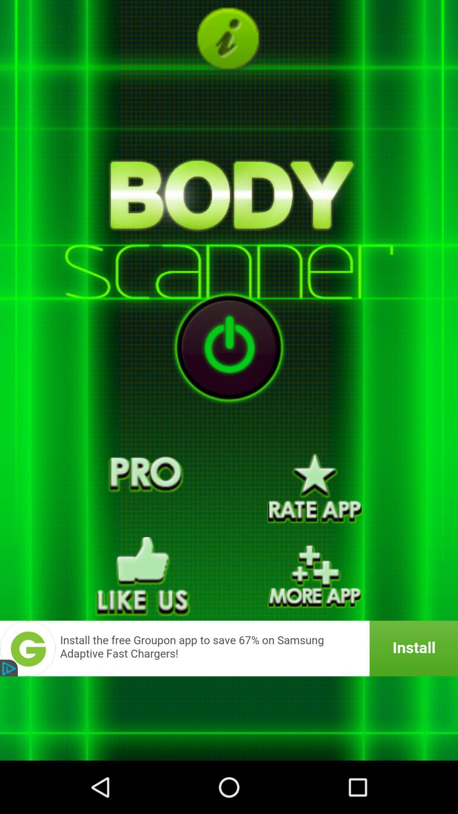  Describe the element at coordinates (142, 577) in the screenshot. I see `like option` at that location.